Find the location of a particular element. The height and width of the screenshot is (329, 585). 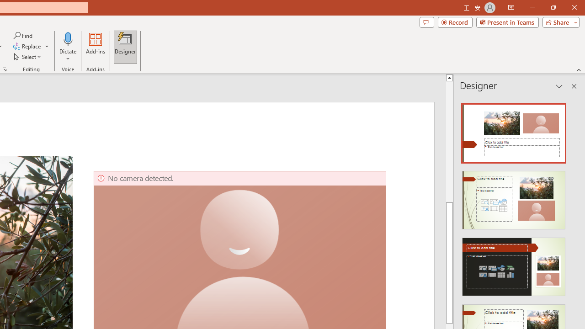

'Restore Down' is located at coordinates (553, 7).